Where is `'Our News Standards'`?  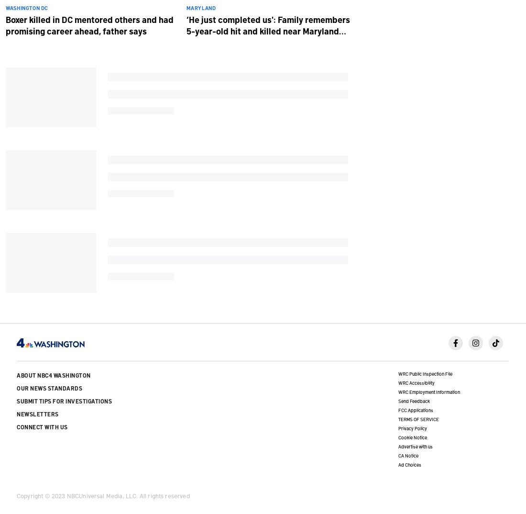
'Our News Standards' is located at coordinates (49, 388).